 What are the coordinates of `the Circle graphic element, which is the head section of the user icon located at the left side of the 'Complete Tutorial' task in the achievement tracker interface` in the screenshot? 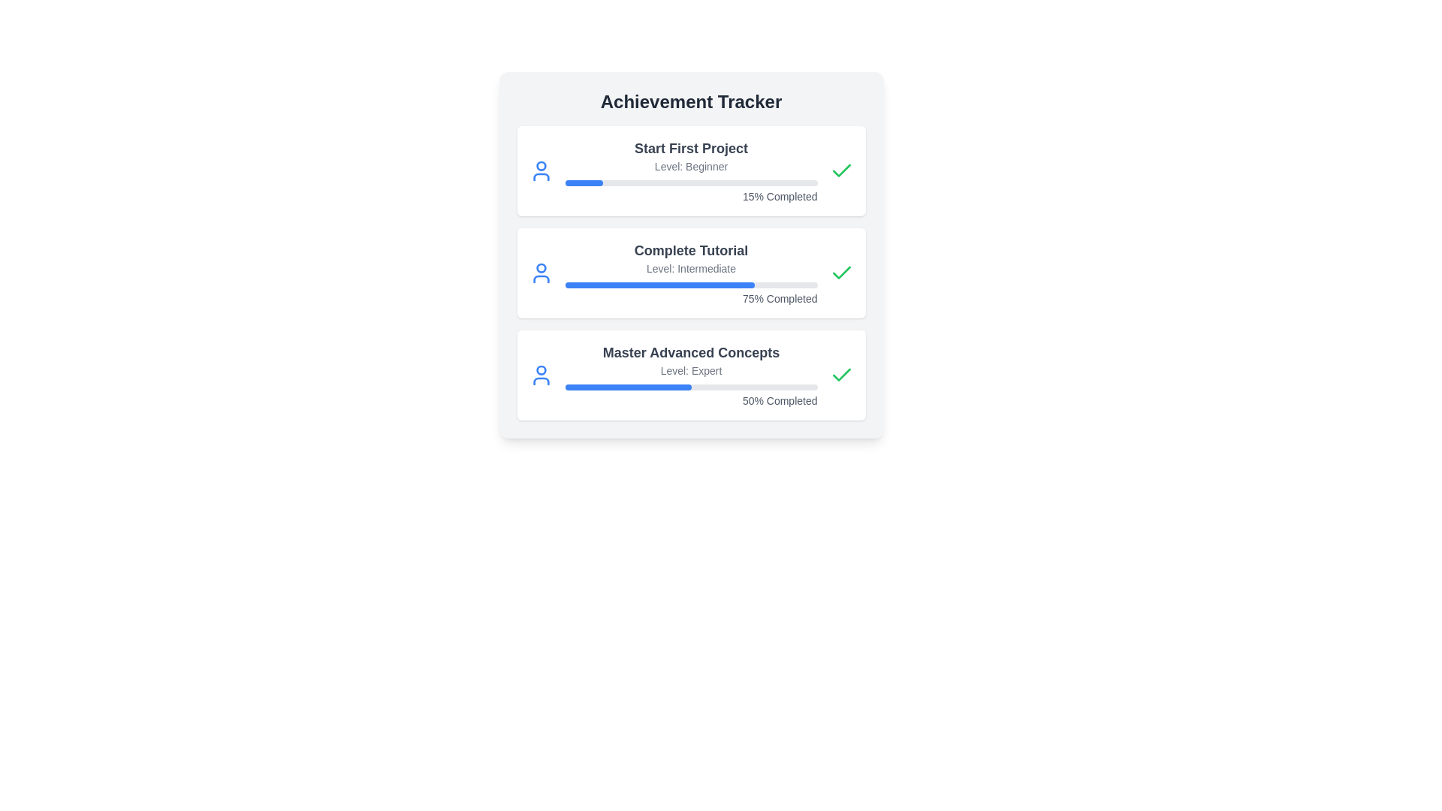 It's located at (541, 267).